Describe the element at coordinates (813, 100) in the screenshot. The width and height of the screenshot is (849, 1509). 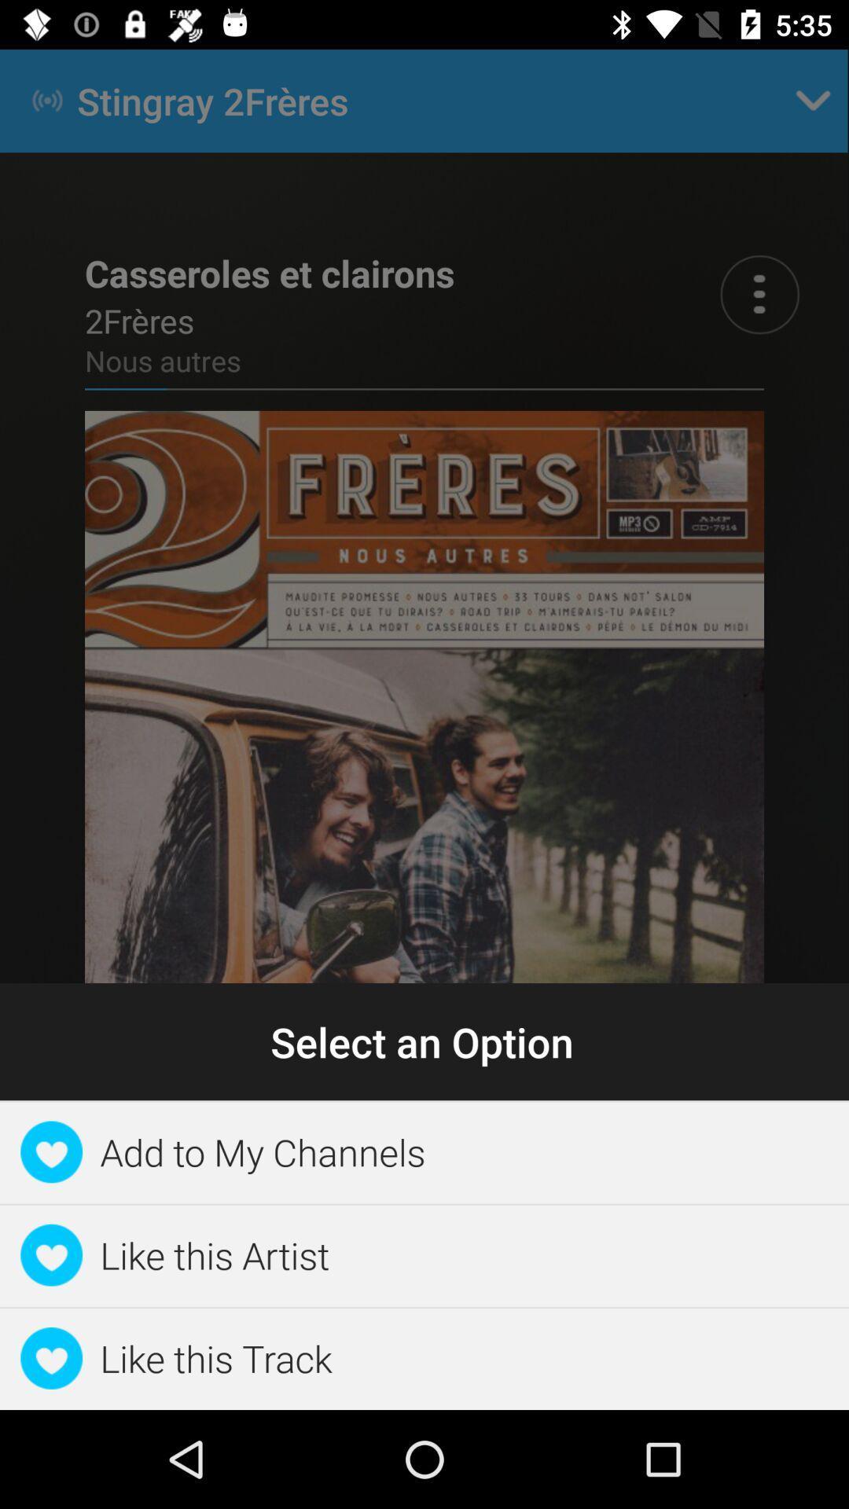
I see `the expand_more icon` at that location.